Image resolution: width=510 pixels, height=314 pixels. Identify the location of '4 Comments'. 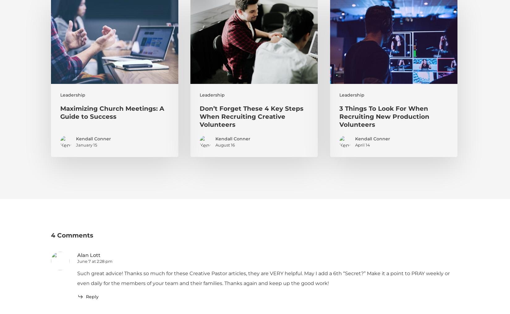
(72, 235).